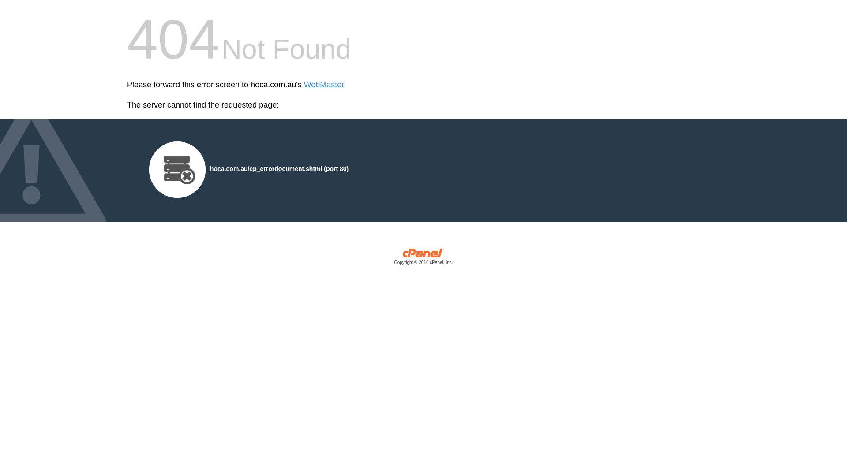  What do you see at coordinates (323, 85) in the screenshot?
I see `'WebMaster'` at bounding box center [323, 85].